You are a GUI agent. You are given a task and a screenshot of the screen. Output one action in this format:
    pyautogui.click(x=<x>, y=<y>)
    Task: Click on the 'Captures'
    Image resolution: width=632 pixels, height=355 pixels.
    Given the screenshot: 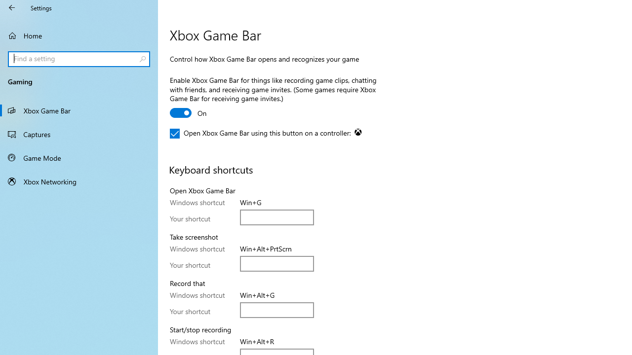 What is the action you would take?
    pyautogui.click(x=79, y=134)
    